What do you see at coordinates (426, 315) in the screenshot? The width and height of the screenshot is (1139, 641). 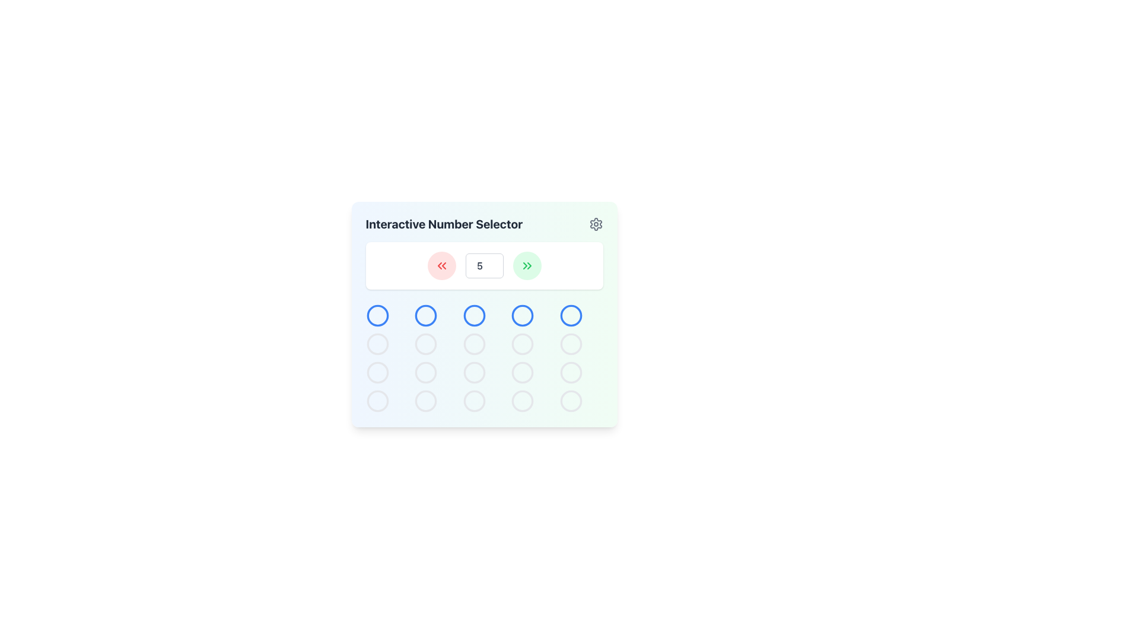 I see `the Circle button with a blue outline and filled blue color, located in the first row and third column of the grid` at bounding box center [426, 315].